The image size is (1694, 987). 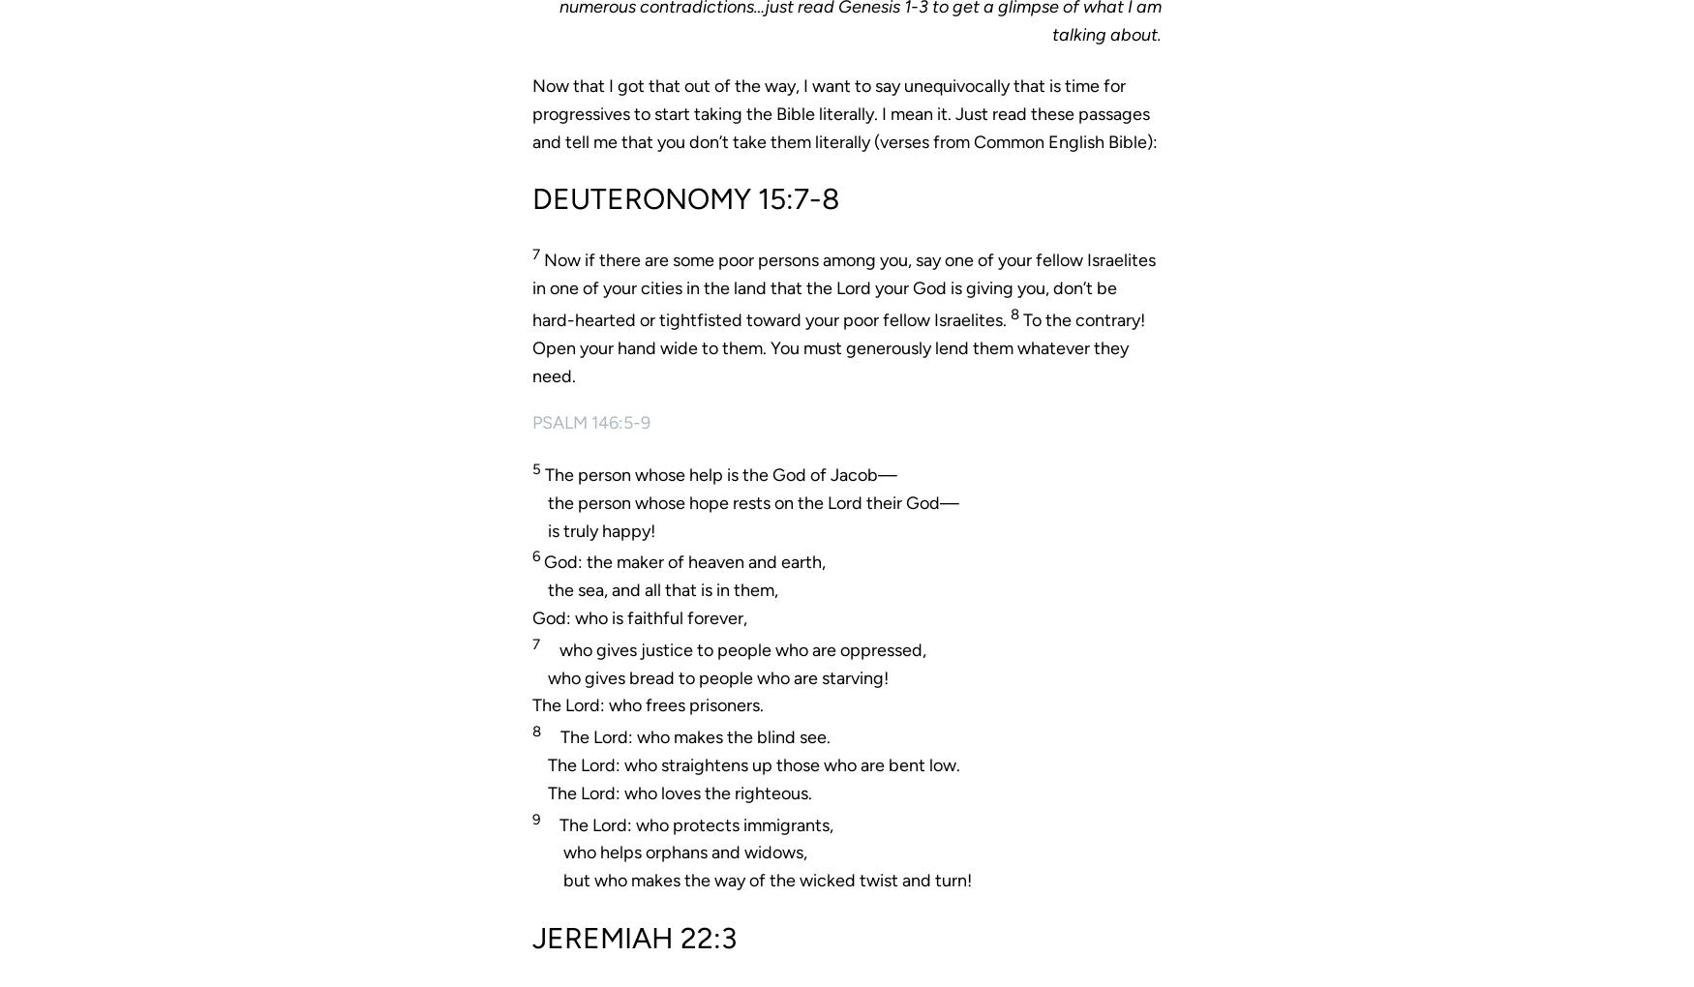 I want to click on ': who straightens up those who are bent low.', so click(x=614, y=763).